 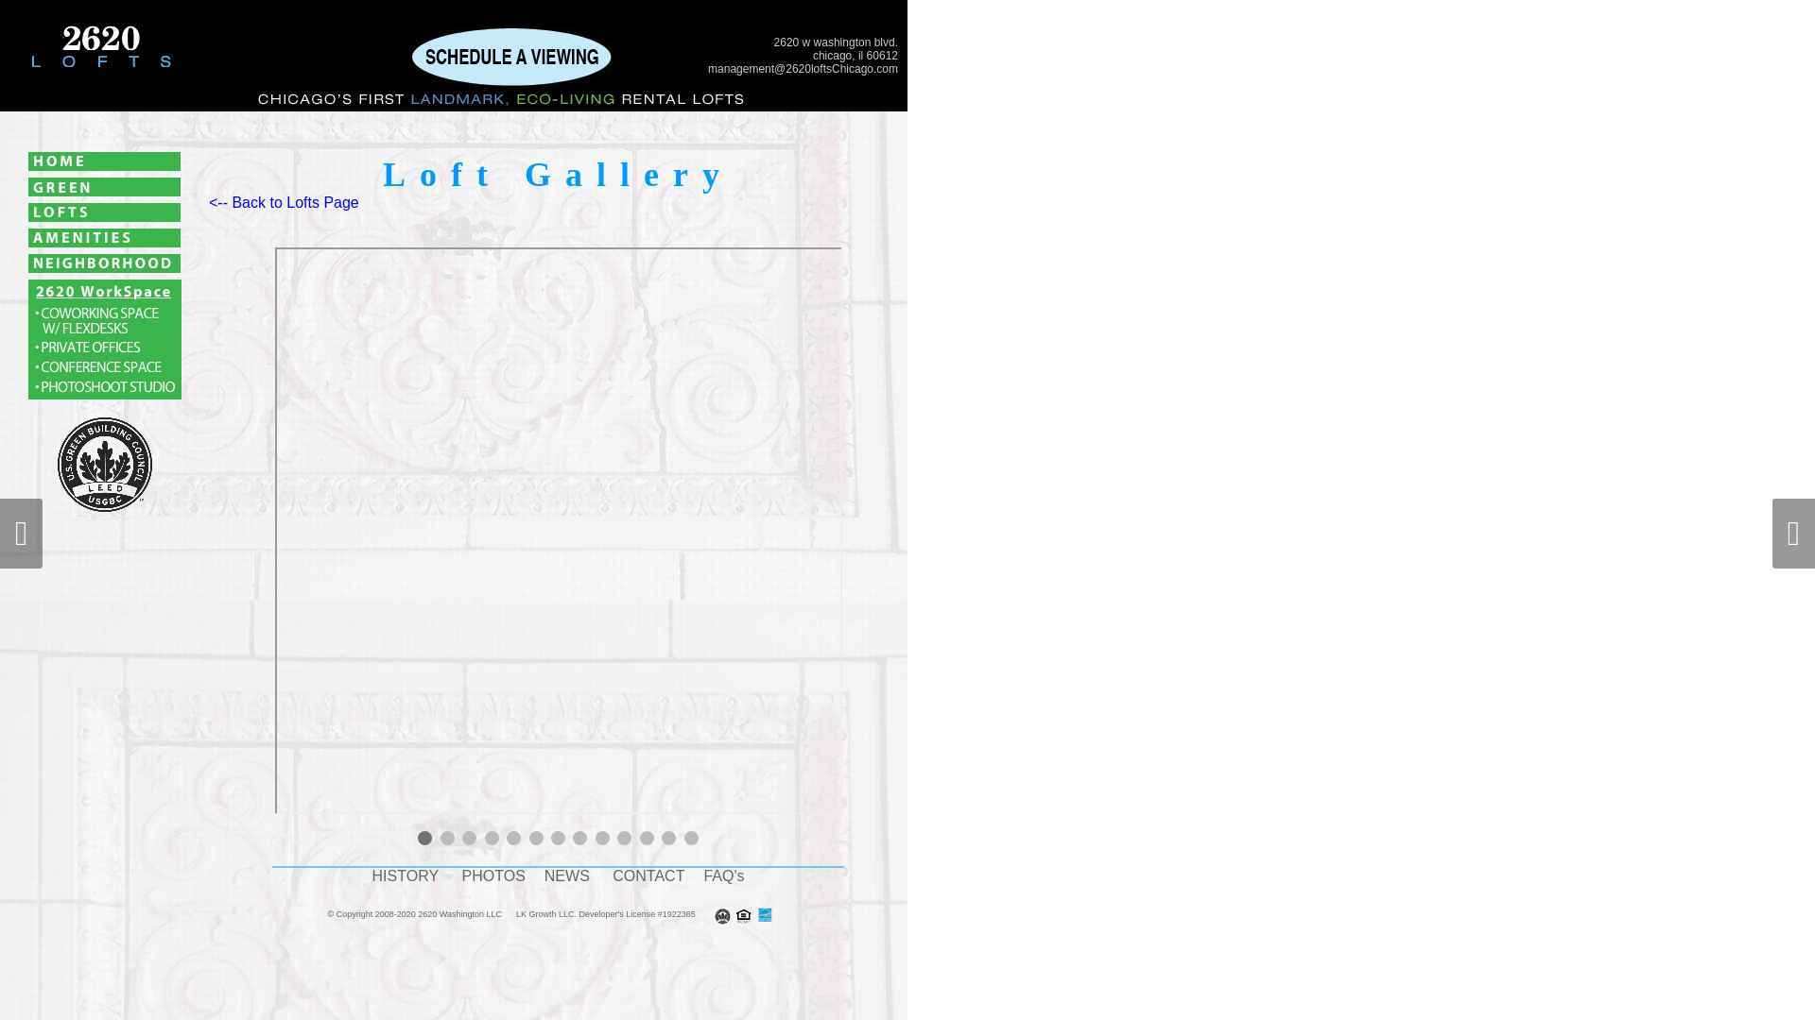 I want to click on 'PHOTOS', so click(x=493, y=875).